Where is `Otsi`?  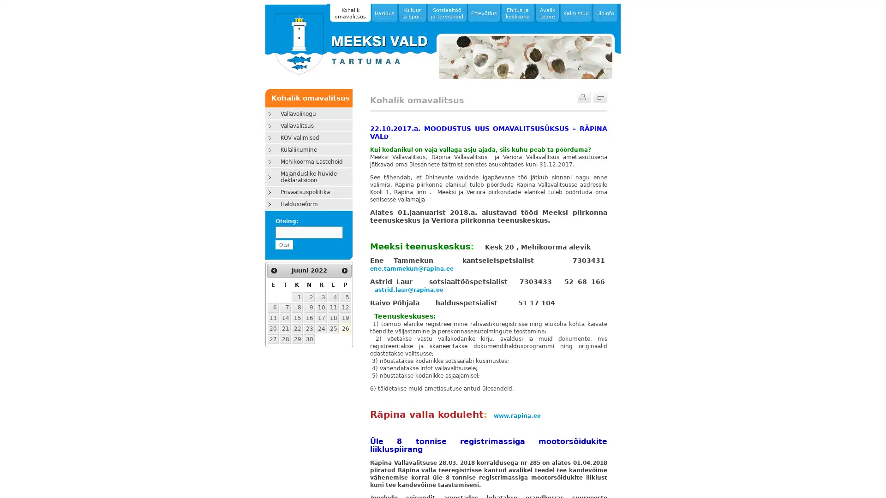
Otsi is located at coordinates (283, 244).